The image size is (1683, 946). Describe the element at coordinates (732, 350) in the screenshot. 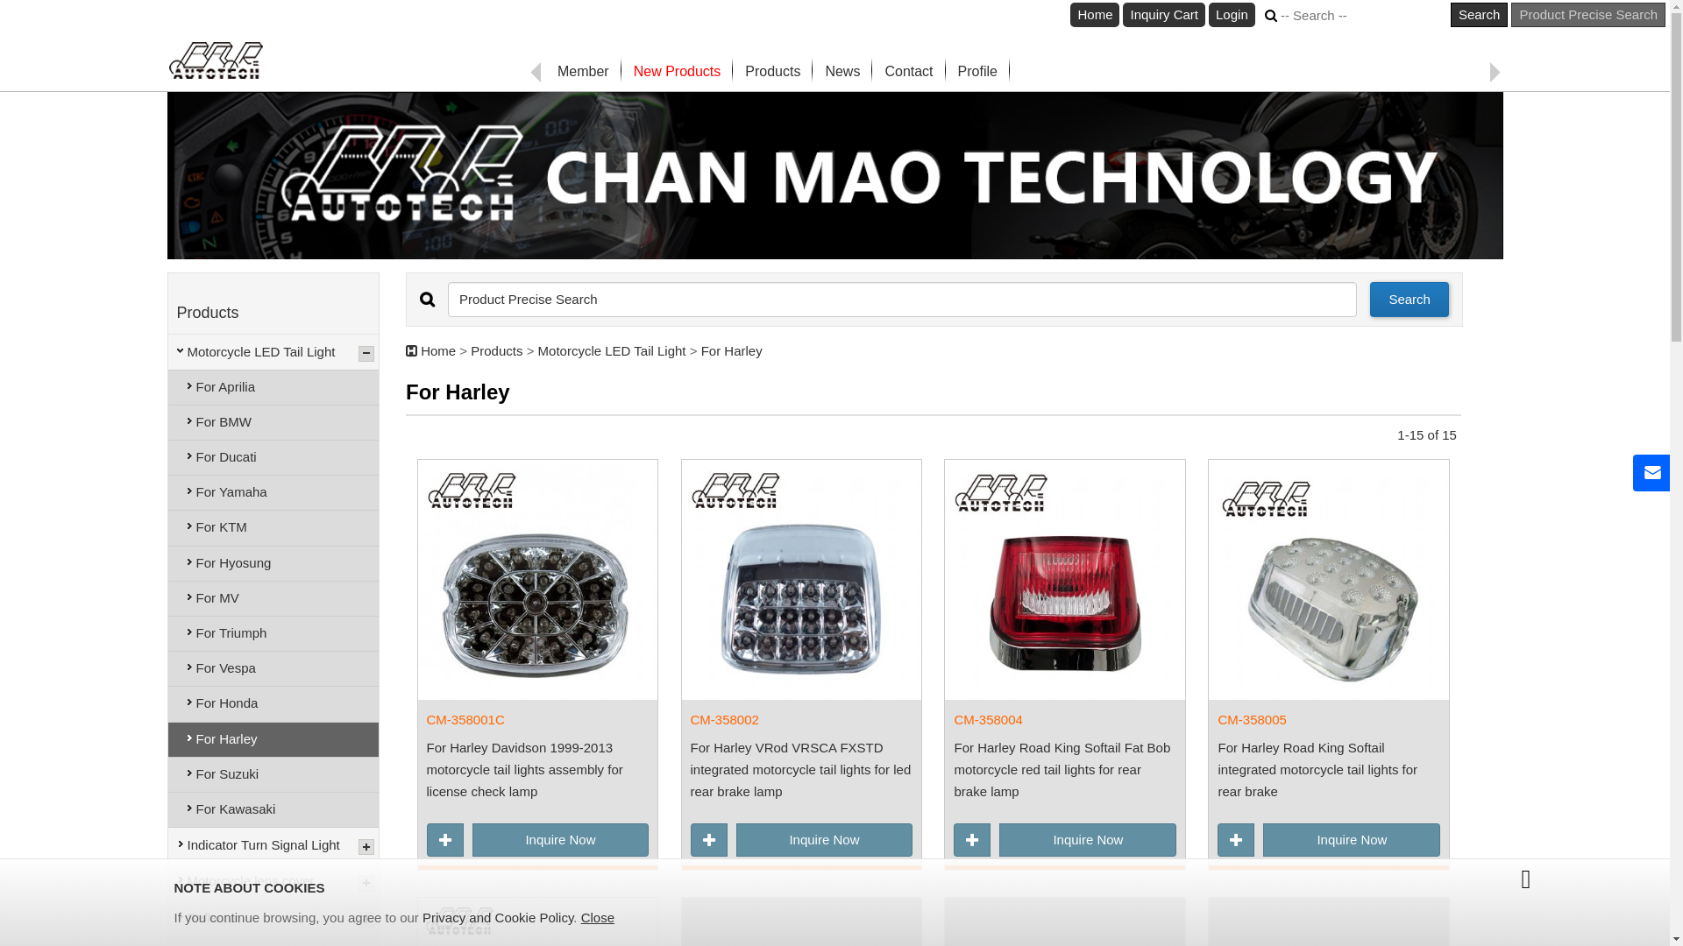

I see `'For Harley'` at that location.